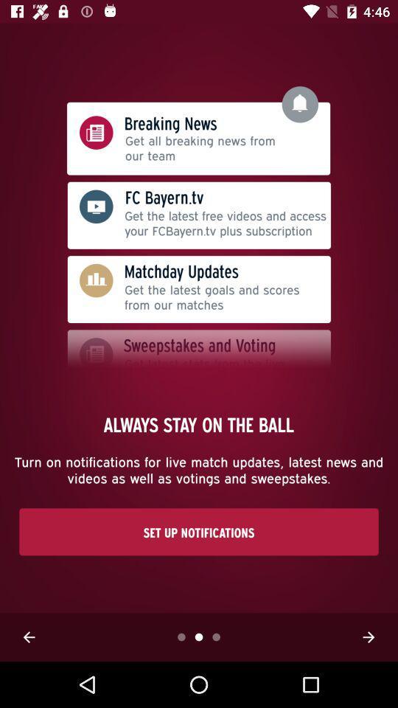  I want to click on go back, so click(29, 636).